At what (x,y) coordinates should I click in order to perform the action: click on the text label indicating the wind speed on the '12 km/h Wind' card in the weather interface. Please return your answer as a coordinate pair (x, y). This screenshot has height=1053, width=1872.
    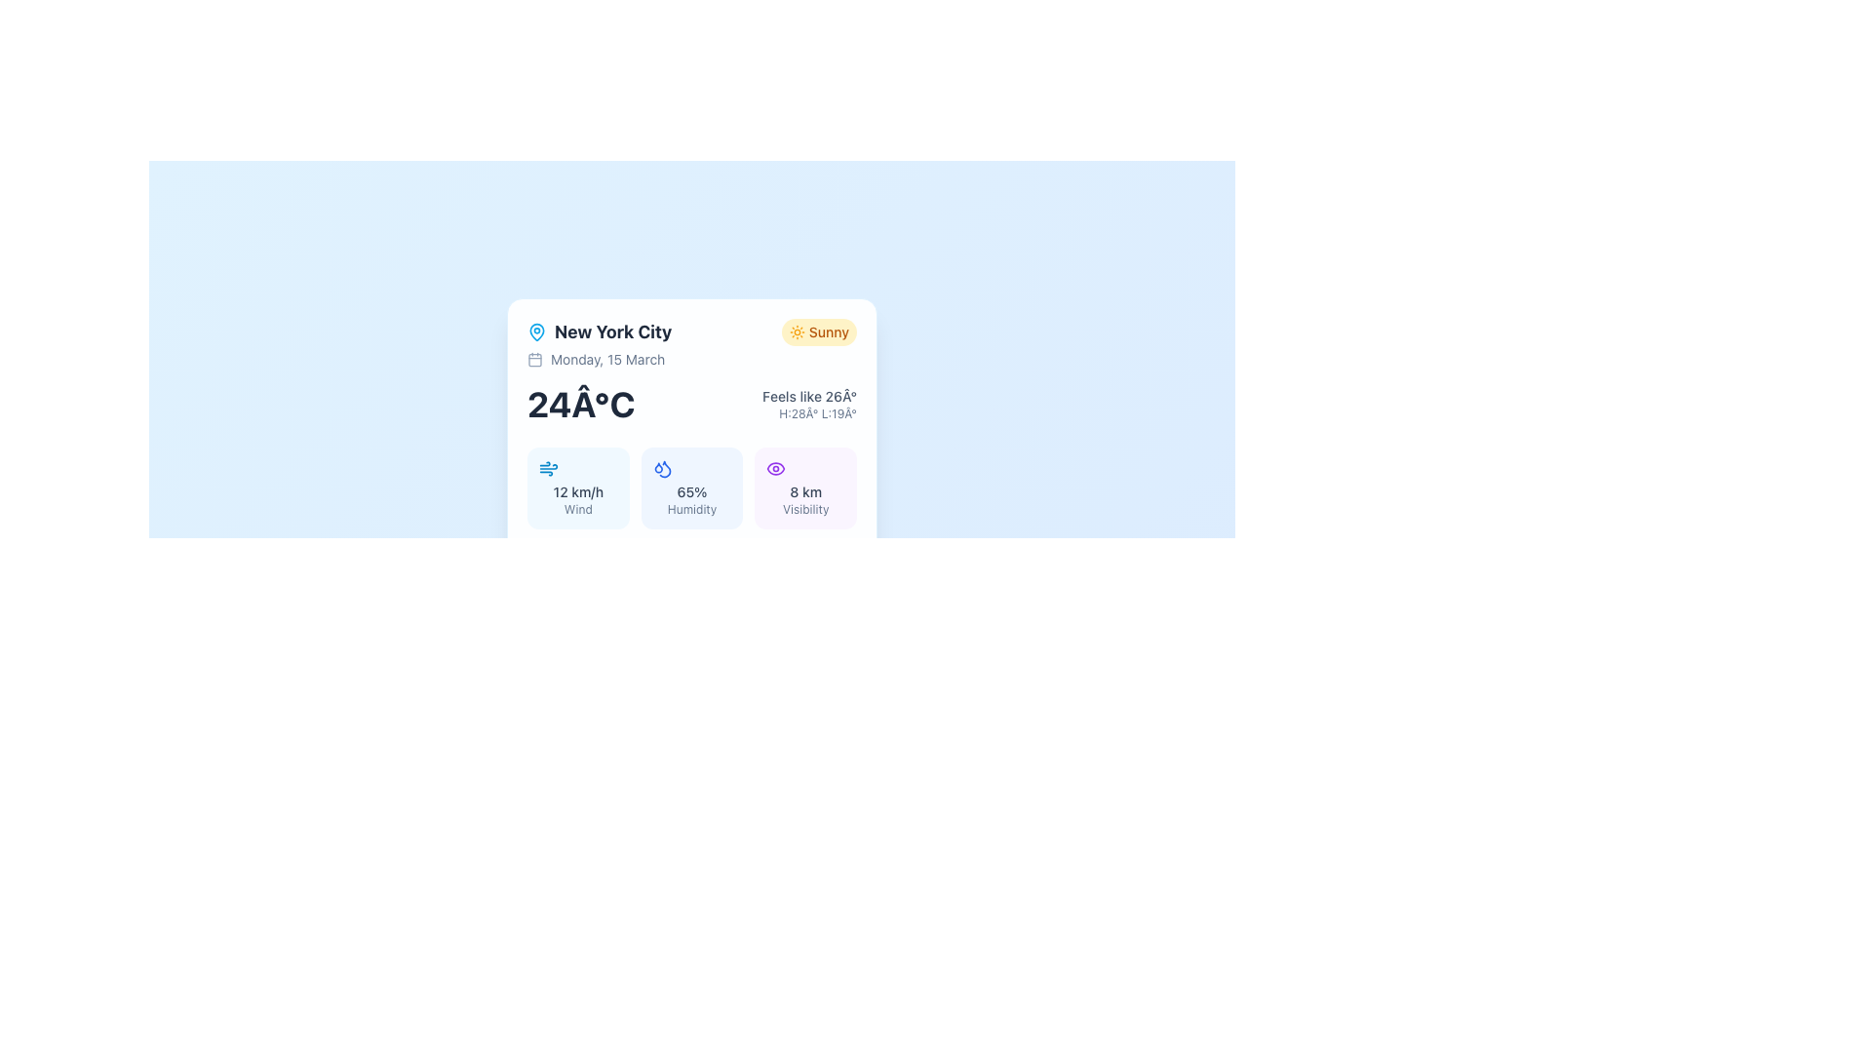
    Looking at the image, I should click on (577, 509).